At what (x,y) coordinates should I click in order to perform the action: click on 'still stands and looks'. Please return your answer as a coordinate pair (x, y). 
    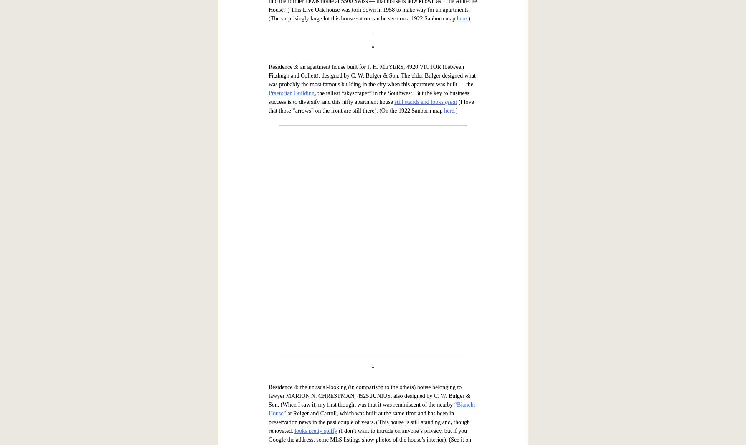
    Looking at the image, I should click on (419, 363).